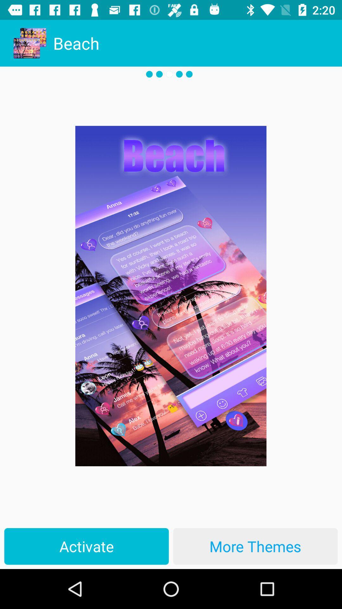  I want to click on the more themes at the bottom right corner, so click(255, 546).